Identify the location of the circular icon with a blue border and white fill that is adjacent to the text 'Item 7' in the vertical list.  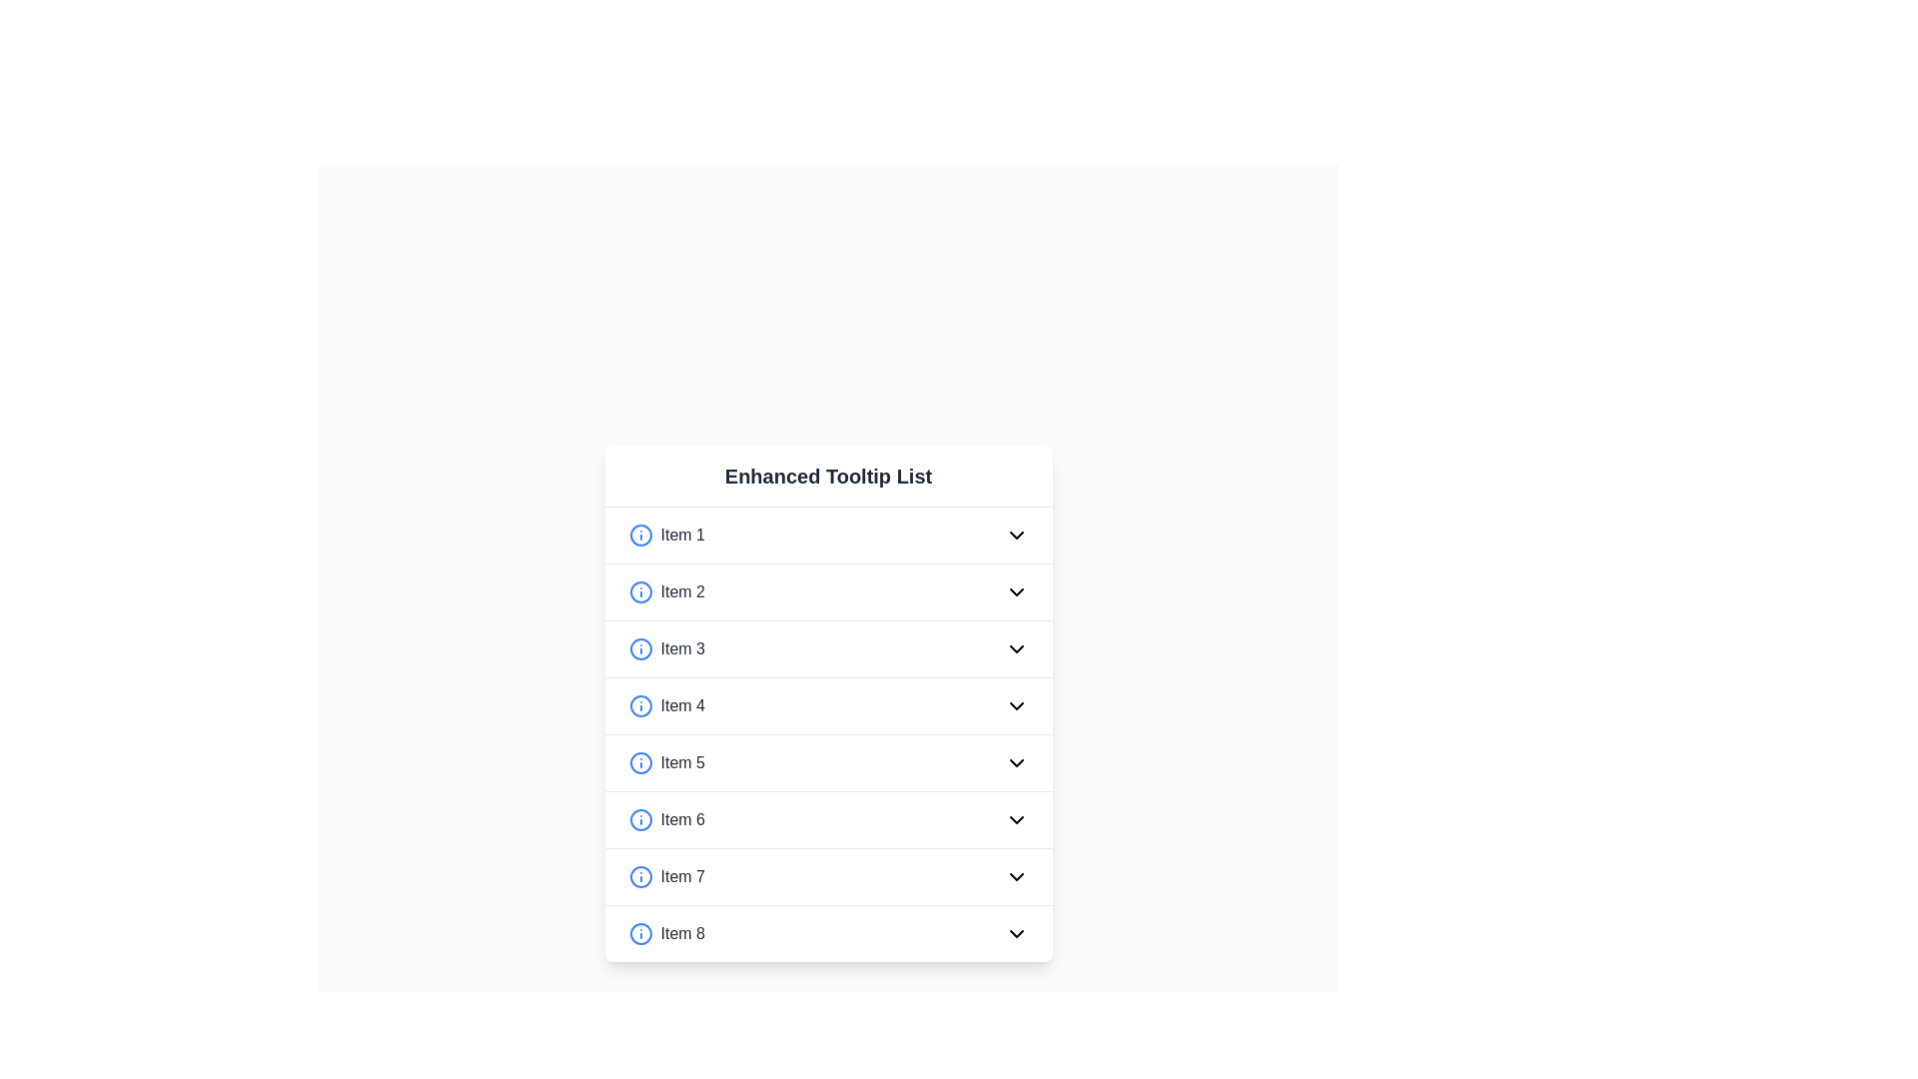
(640, 876).